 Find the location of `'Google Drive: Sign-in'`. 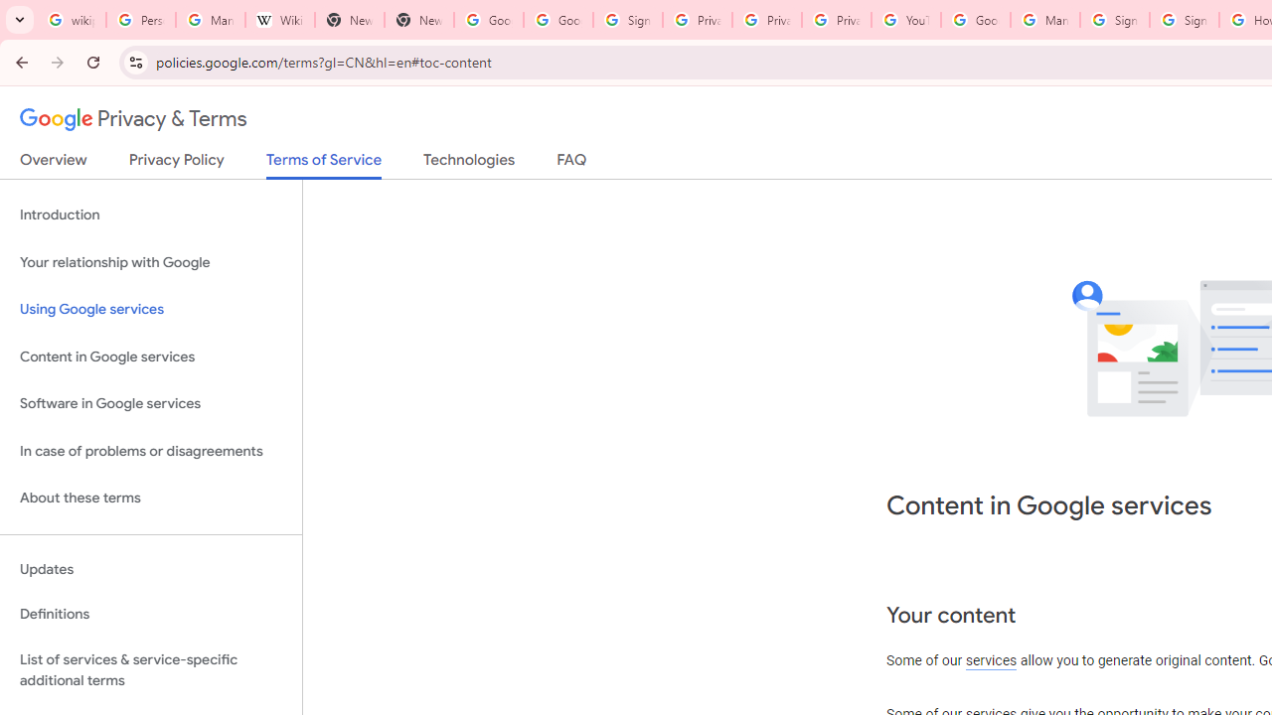

'Google Drive: Sign-in' is located at coordinates (556, 20).